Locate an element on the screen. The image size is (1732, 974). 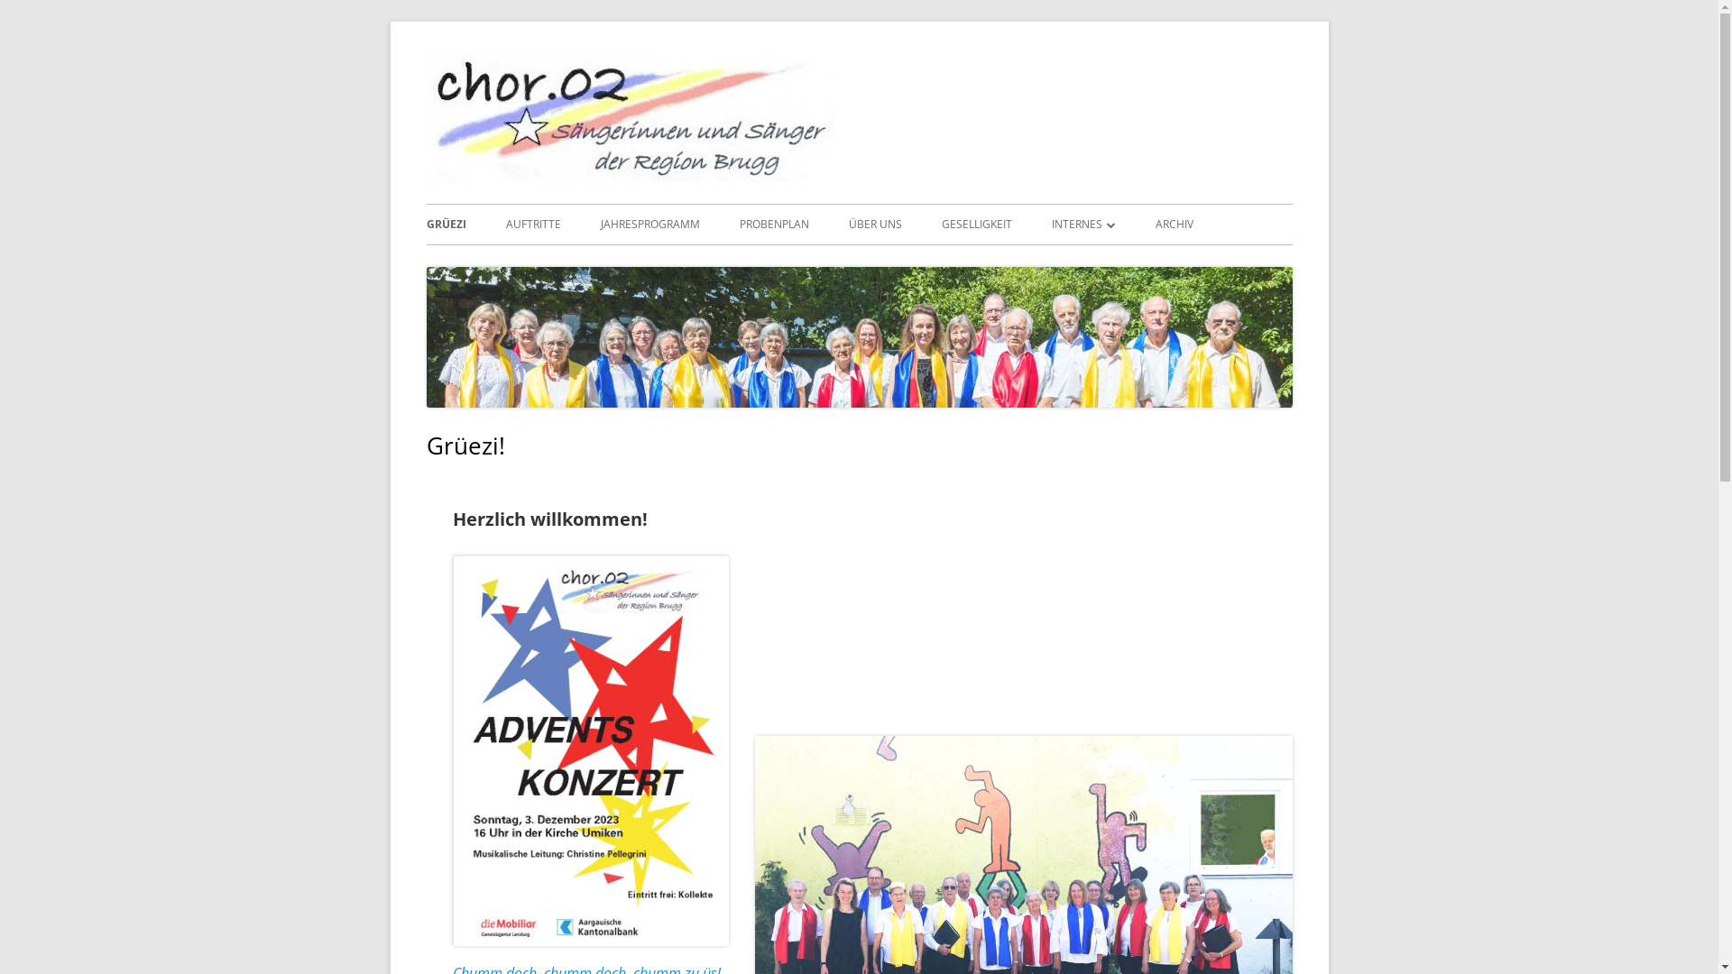
'ARCHIV' is located at coordinates (1155, 224).